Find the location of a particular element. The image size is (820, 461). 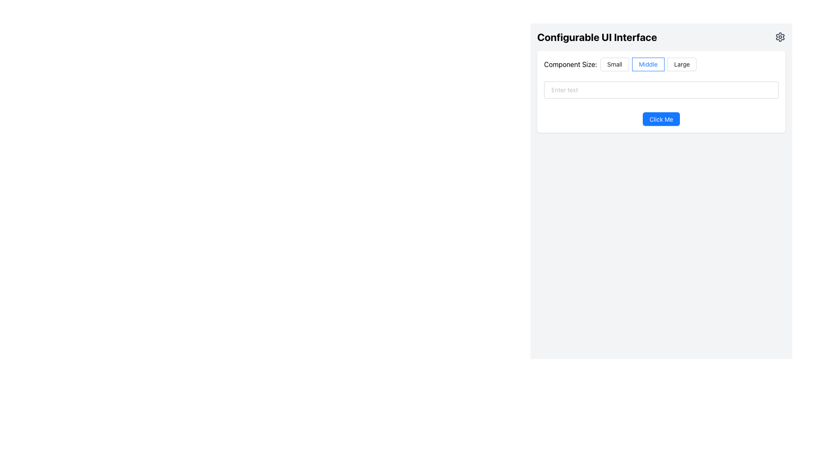

the 'Small' radio button label within the 'Component Size' group, which is the first option in a set of three choices is located at coordinates (614, 64).